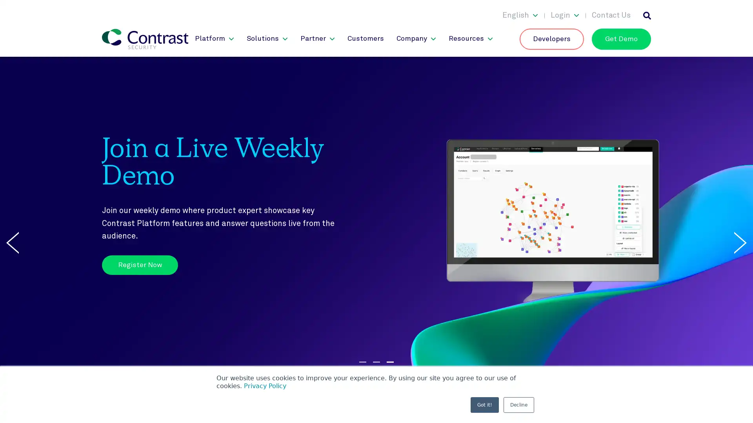 This screenshot has width=753, height=423. Describe the element at coordinates (484, 405) in the screenshot. I see `Got it!` at that location.